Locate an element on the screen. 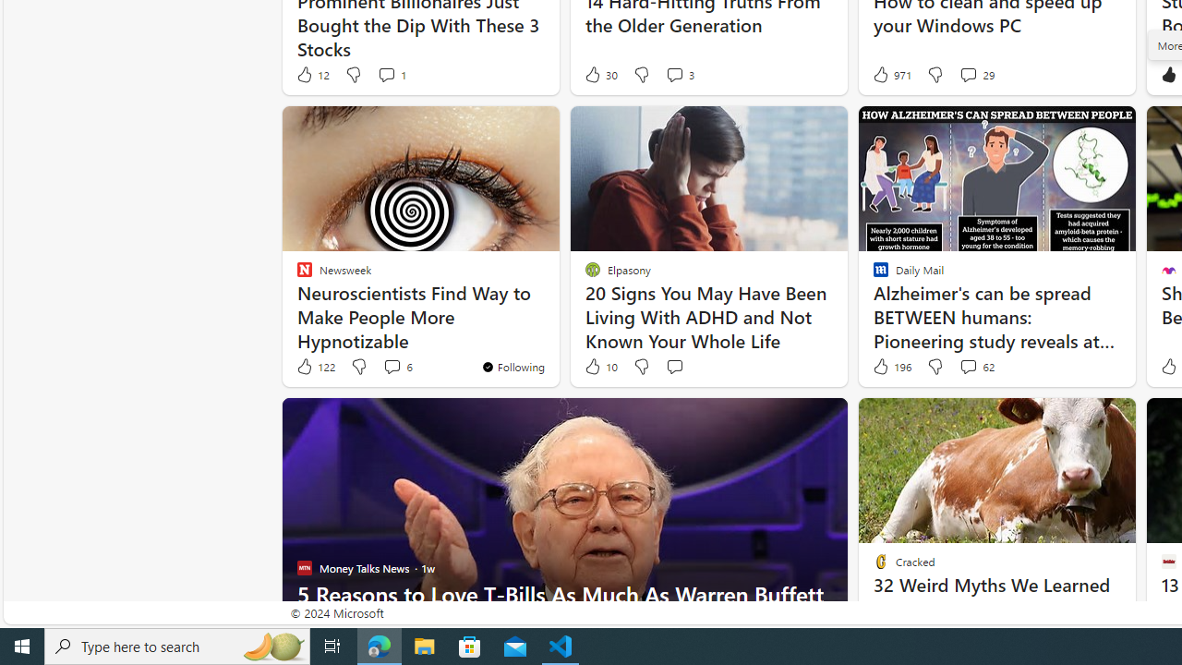 The height and width of the screenshot is (665, 1182). '971 Like' is located at coordinates (890, 74).